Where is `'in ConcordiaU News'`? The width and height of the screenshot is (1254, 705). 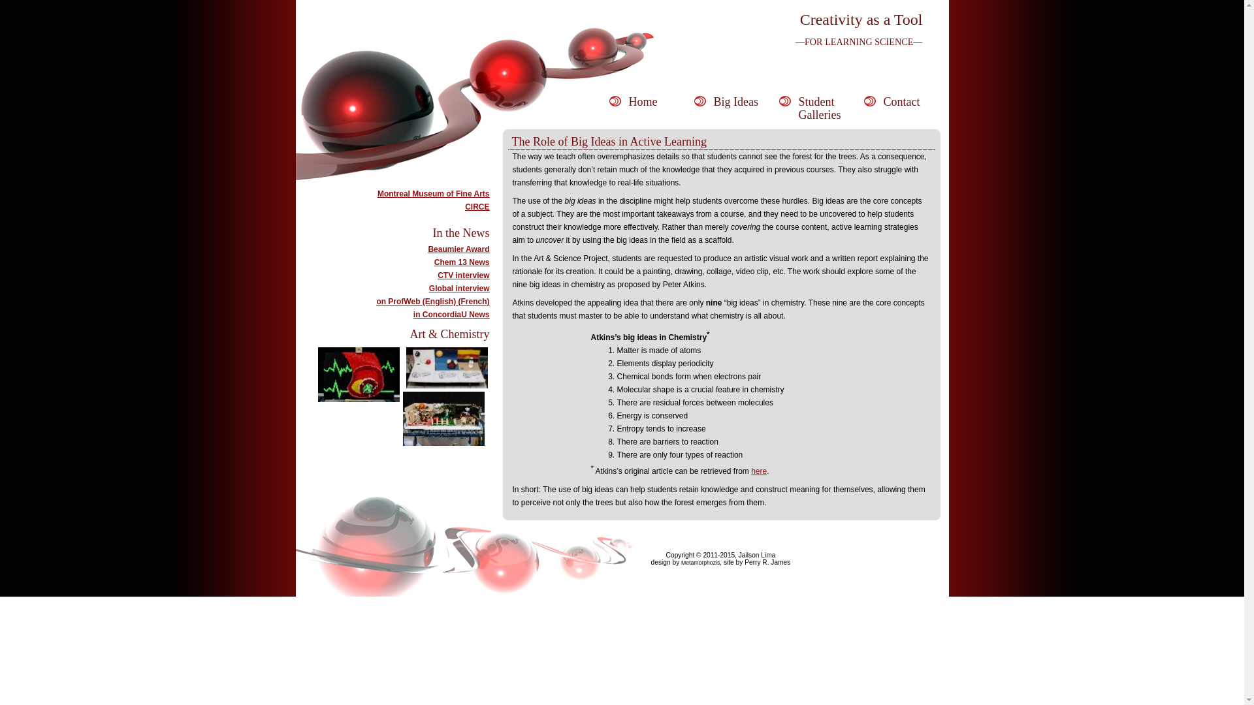 'in ConcordiaU News' is located at coordinates (451, 315).